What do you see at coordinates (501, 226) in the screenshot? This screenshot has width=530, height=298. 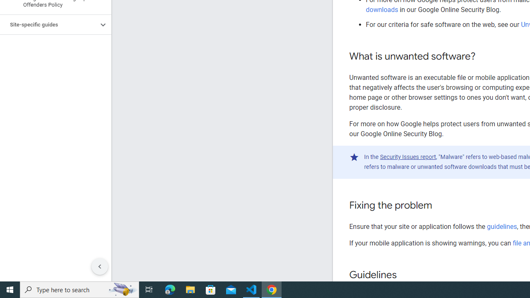 I see `'guidelines'` at bounding box center [501, 226].